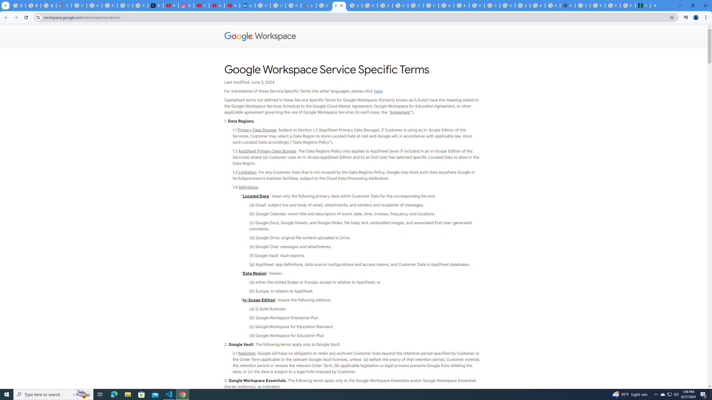 Image resolution: width=712 pixels, height=400 pixels. Describe the element at coordinates (567, 5) in the screenshot. I see `'New Tab'` at that location.